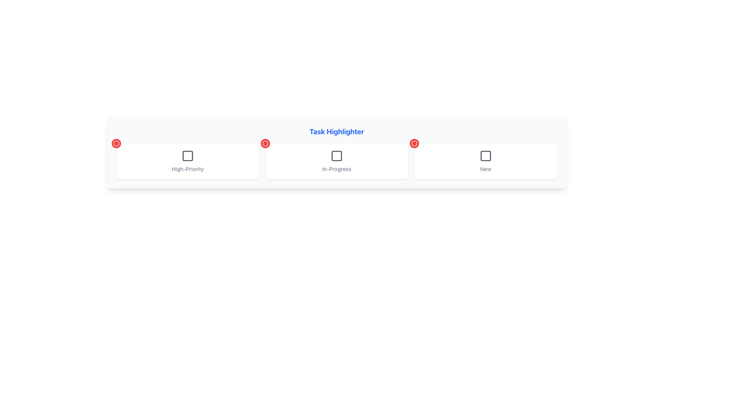 The height and width of the screenshot is (419, 745). I want to click on the central square icon within the 'In-Progress' section of the interface, so click(337, 156).